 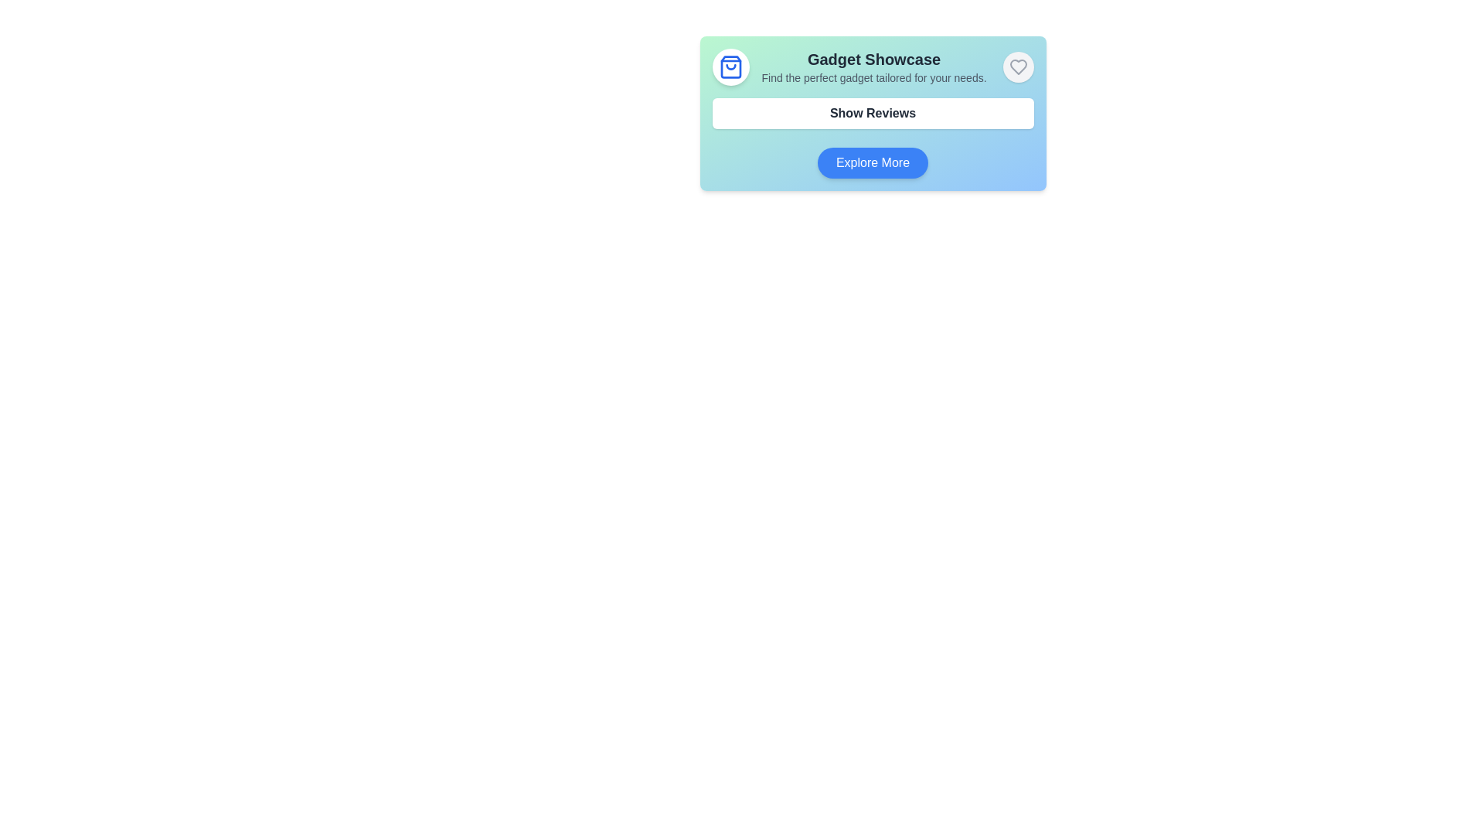 What do you see at coordinates (874, 77) in the screenshot?
I see `the static text element that reads 'Find the perfect gadget tailored for your needs.', located directly beneath the title 'Gadget Showcase'` at bounding box center [874, 77].